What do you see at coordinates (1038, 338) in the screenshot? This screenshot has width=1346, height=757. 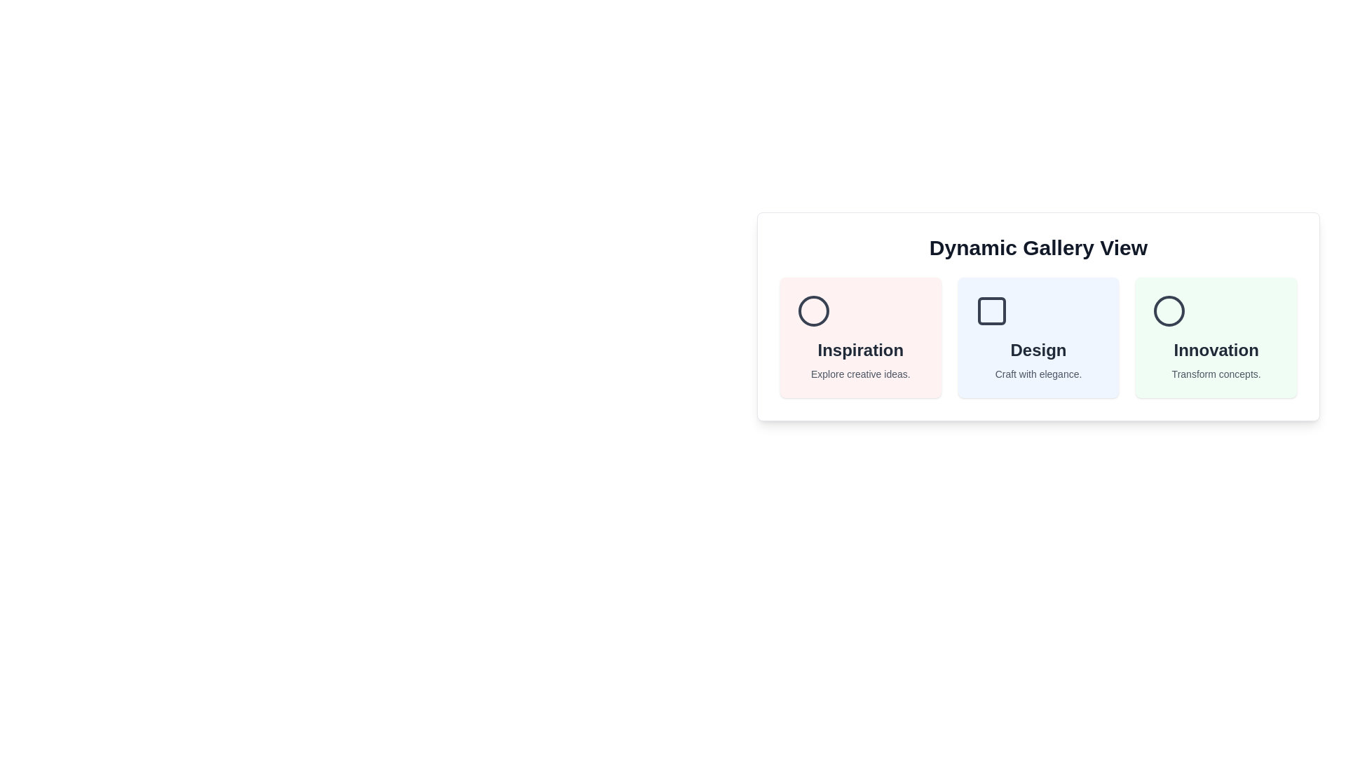 I see `the 'Design' section in the Dynamic Gallery View, which has a light blue background and contains bold text below a square icon` at bounding box center [1038, 338].